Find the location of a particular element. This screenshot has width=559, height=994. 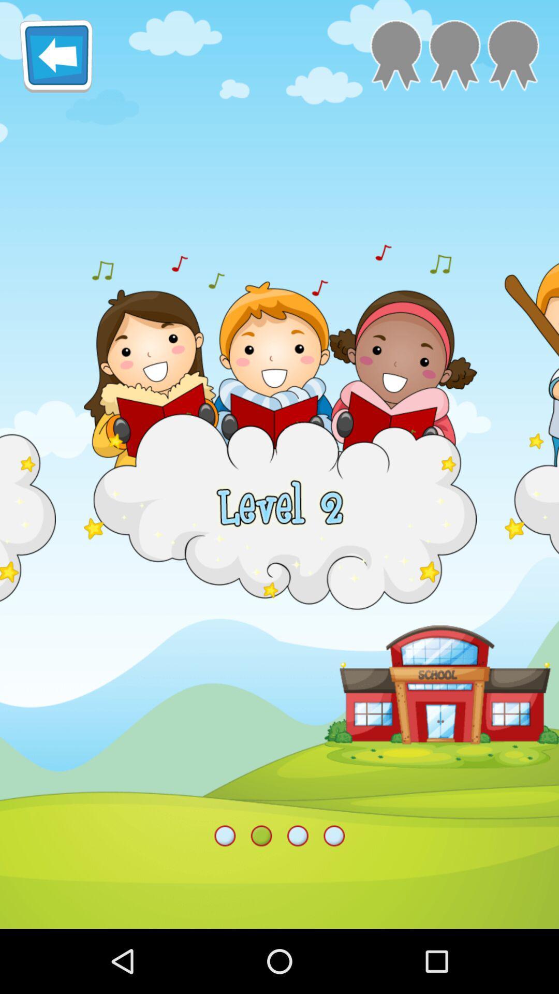

the arrow_backward icon is located at coordinates (56, 60).